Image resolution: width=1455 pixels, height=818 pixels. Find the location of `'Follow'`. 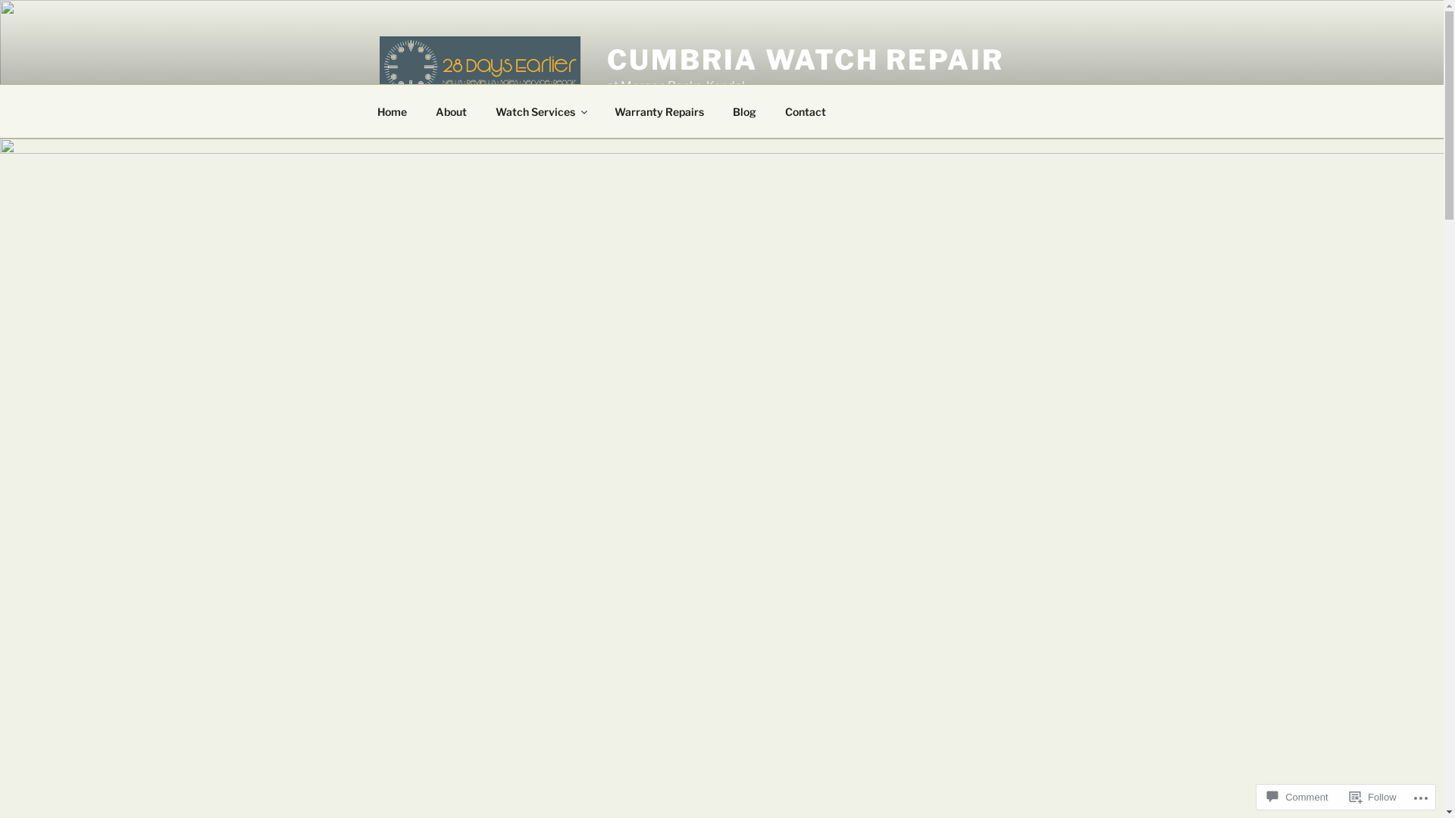

'Follow' is located at coordinates (1373, 796).